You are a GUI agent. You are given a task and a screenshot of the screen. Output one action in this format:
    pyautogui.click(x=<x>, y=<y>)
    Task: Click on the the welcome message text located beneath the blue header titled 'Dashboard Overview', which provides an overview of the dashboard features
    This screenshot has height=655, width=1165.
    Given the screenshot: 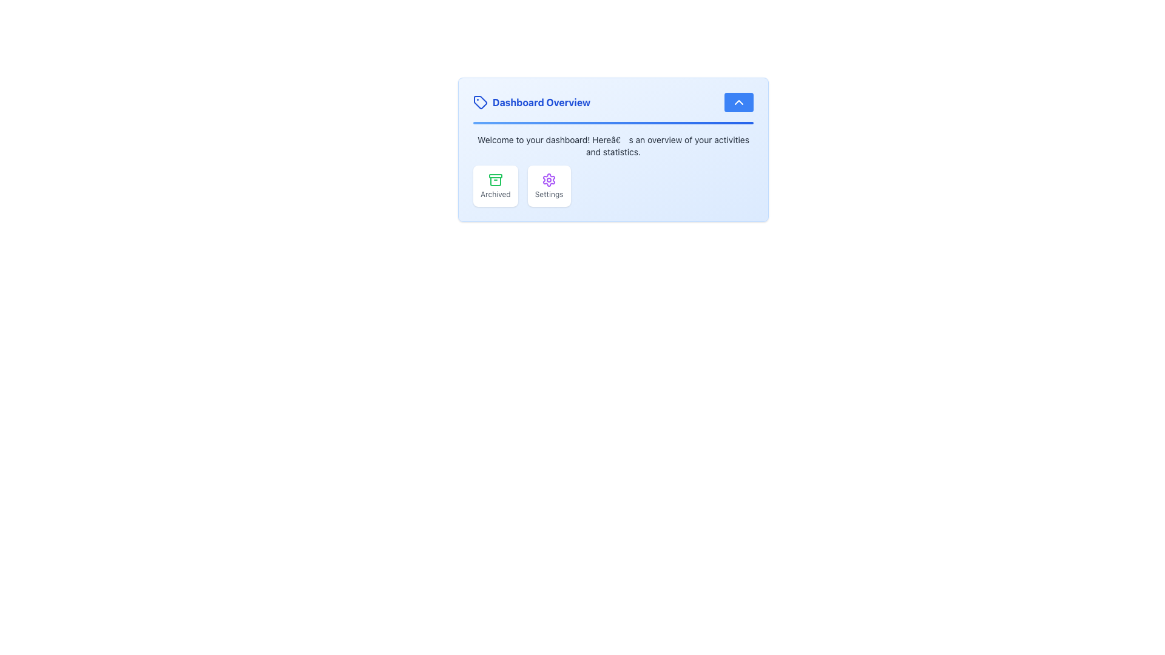 What is the action you would take?
    pyautogui.click(x=613, y=145)
    